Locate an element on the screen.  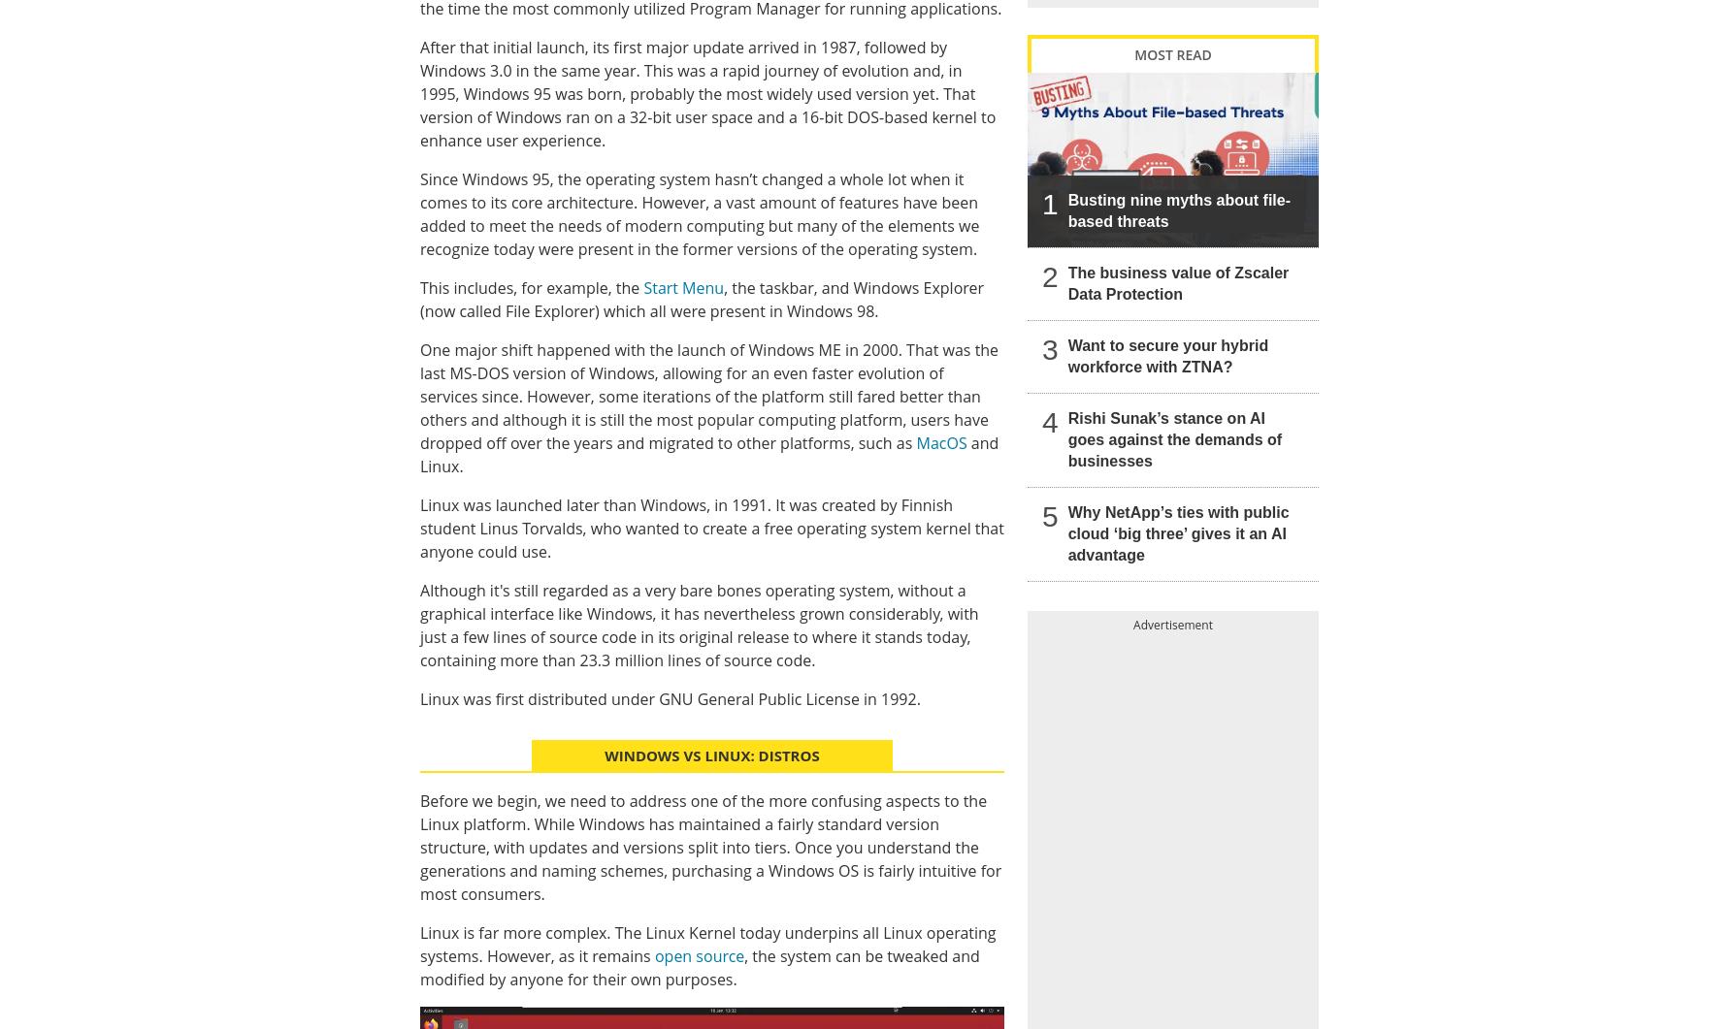
'and Linux.' is located at coordinates (419, 454).